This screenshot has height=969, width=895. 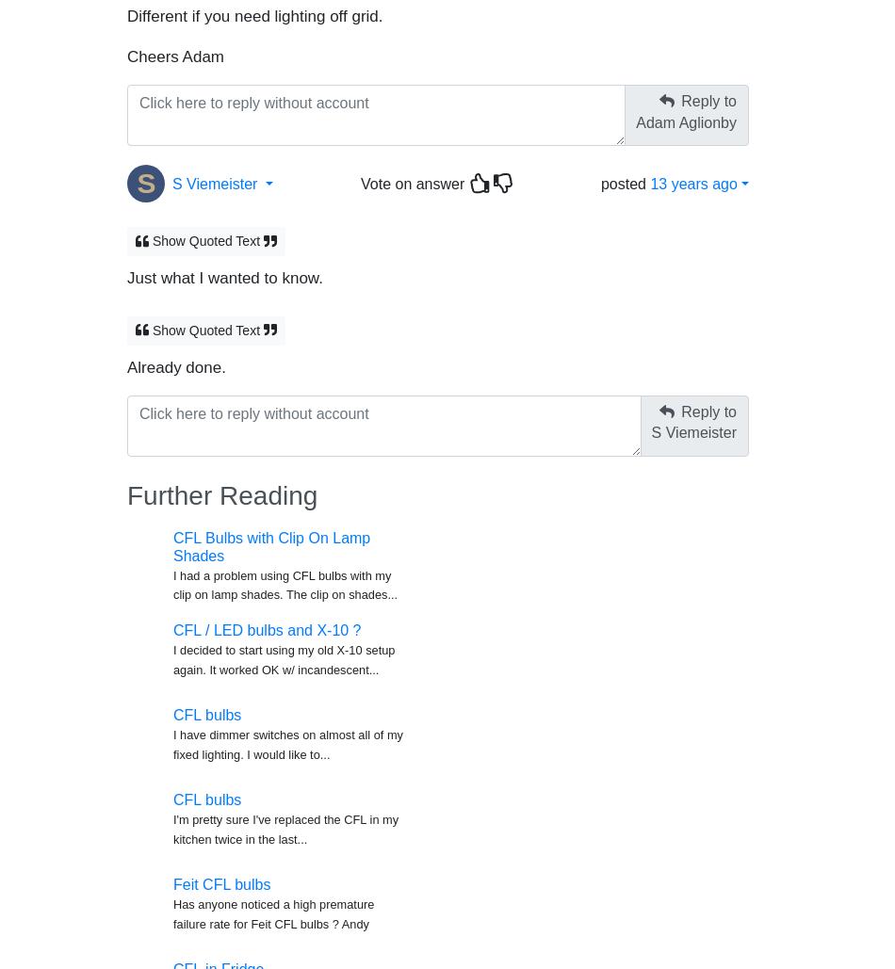 I want to click on 'Feit CFL bulbs', so click(x=221, y=875).